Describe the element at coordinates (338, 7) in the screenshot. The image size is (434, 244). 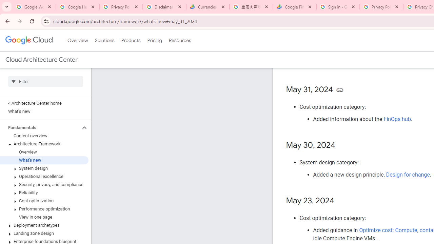
I see `'Sign in - Google Accounts'` at that location.